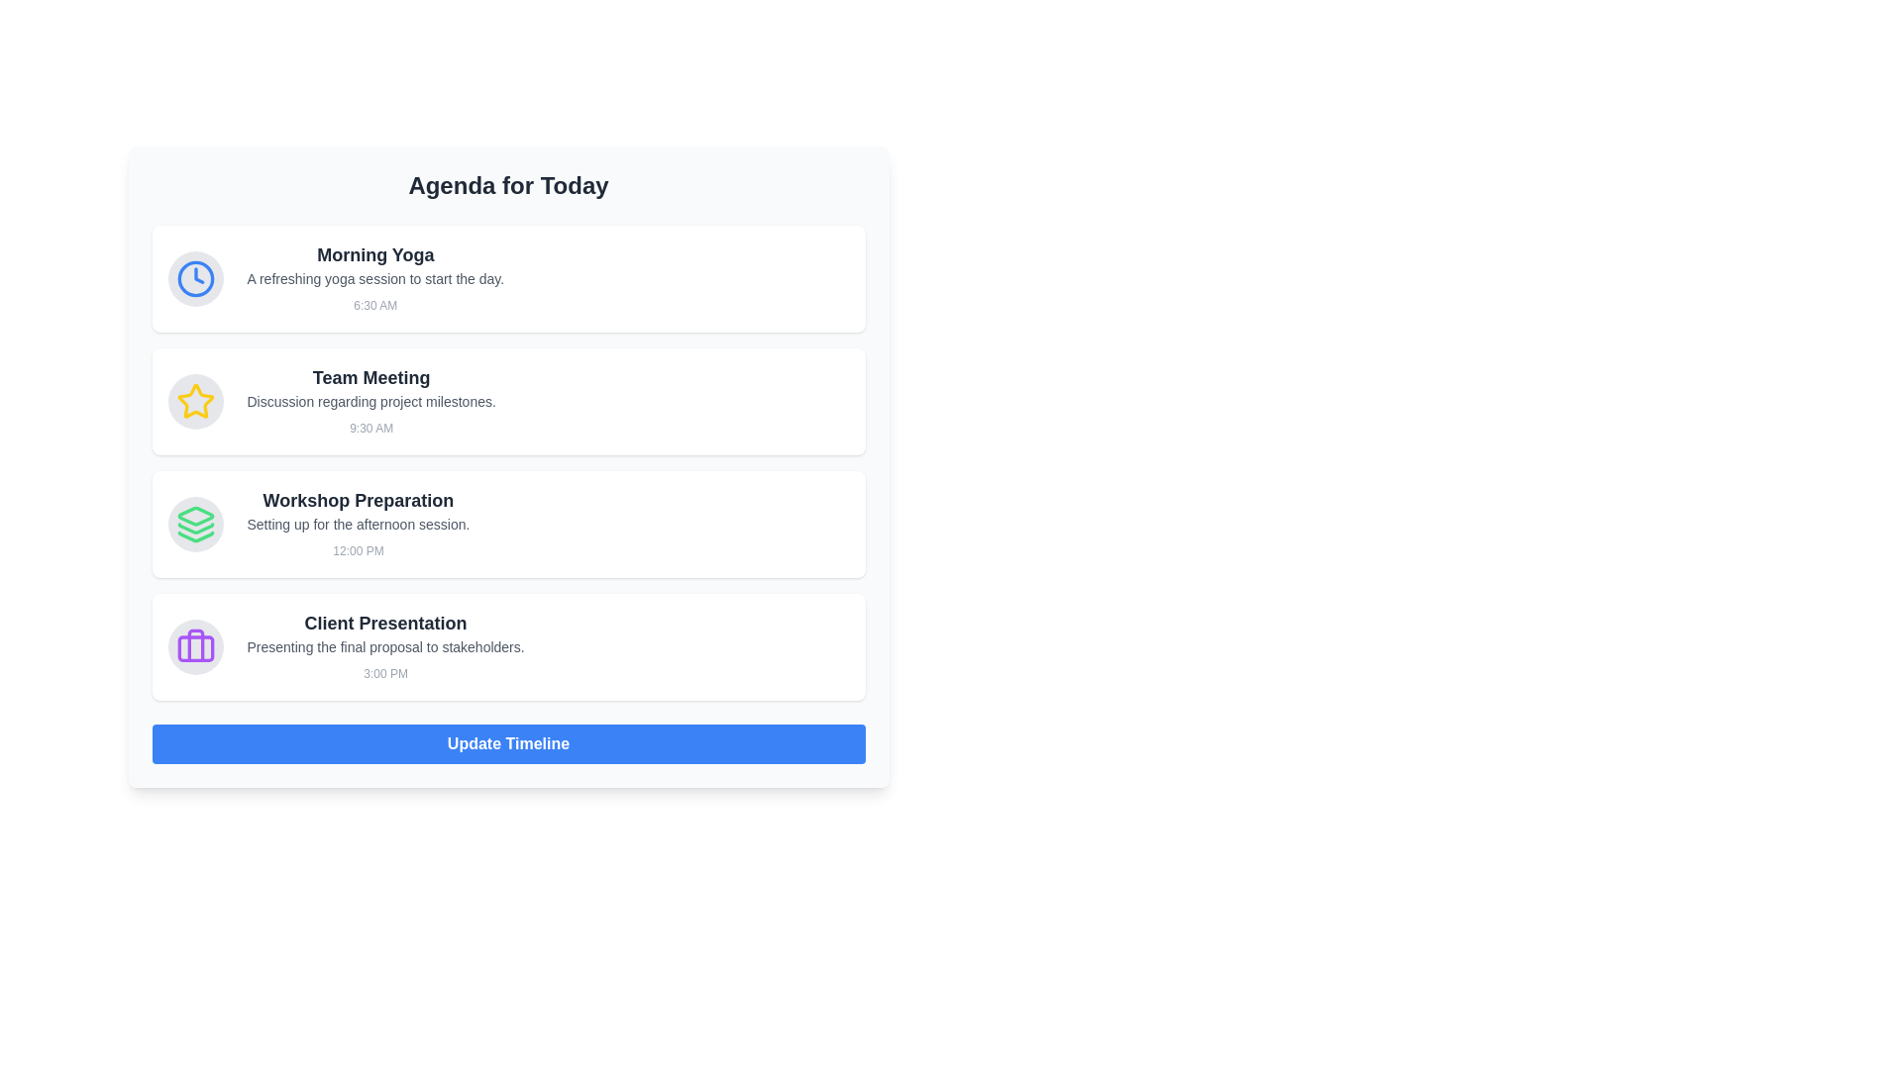  I want to click on the star icon with a yellow color and outlined appearance, located within a rounded light-gray background, which is part of the second list element associated with the 'Team Meeting' entry, so click(195, 401).